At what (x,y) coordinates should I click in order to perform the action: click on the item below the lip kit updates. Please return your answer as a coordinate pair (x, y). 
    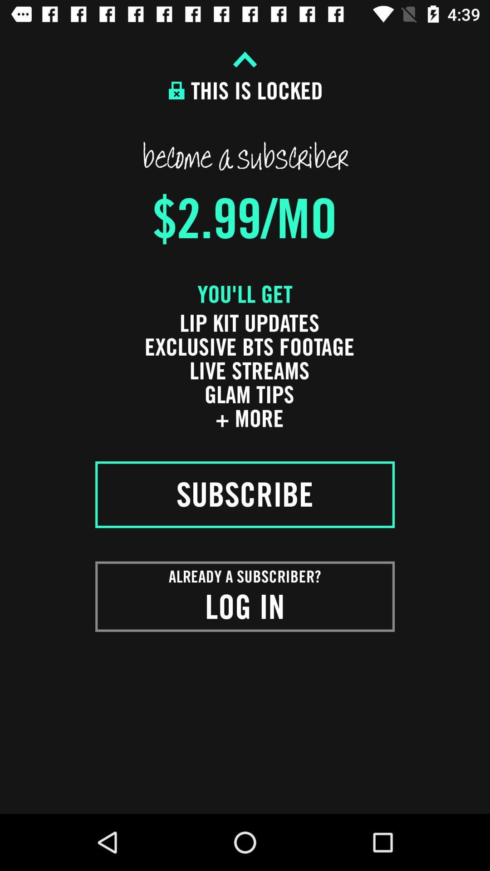
    Looking at the image, I should click on (245, 494).